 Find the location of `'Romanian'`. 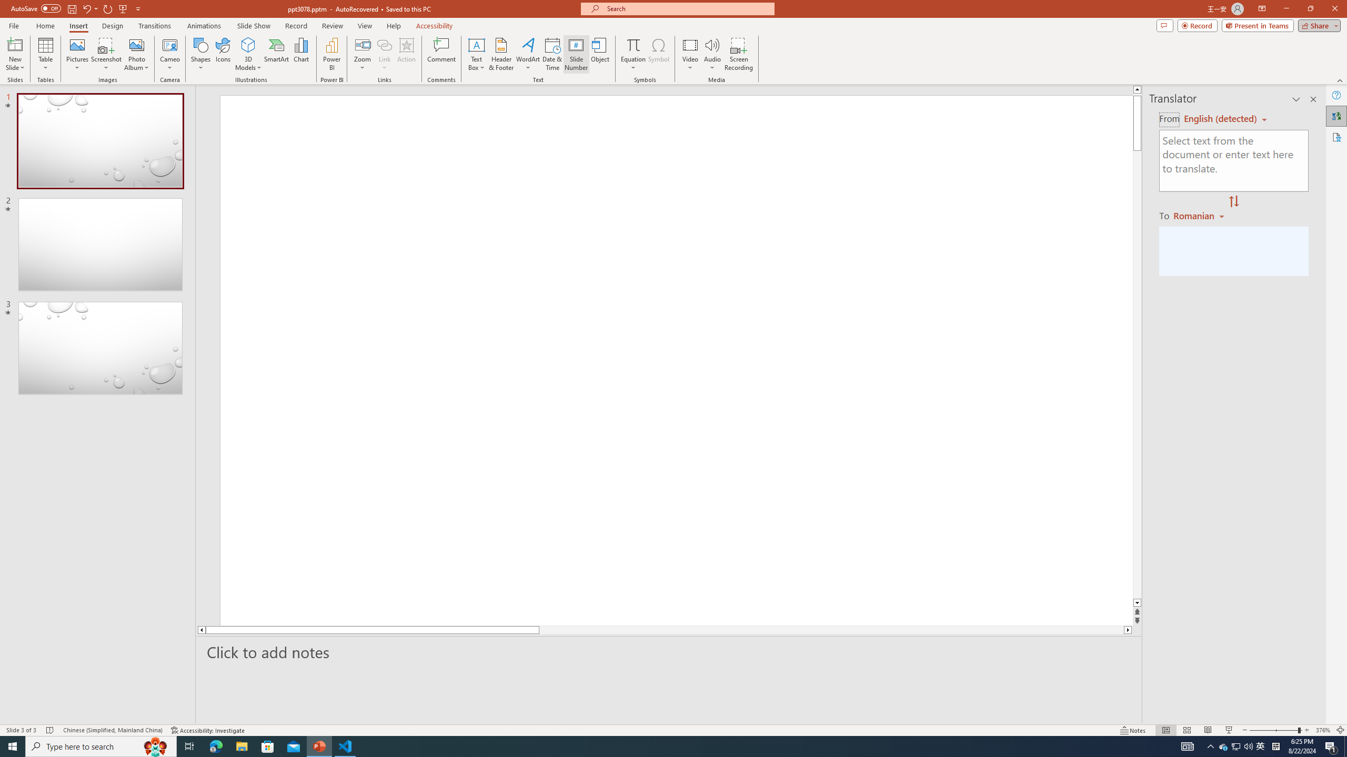

'Romanian' is located at coordinates (1199, 215).